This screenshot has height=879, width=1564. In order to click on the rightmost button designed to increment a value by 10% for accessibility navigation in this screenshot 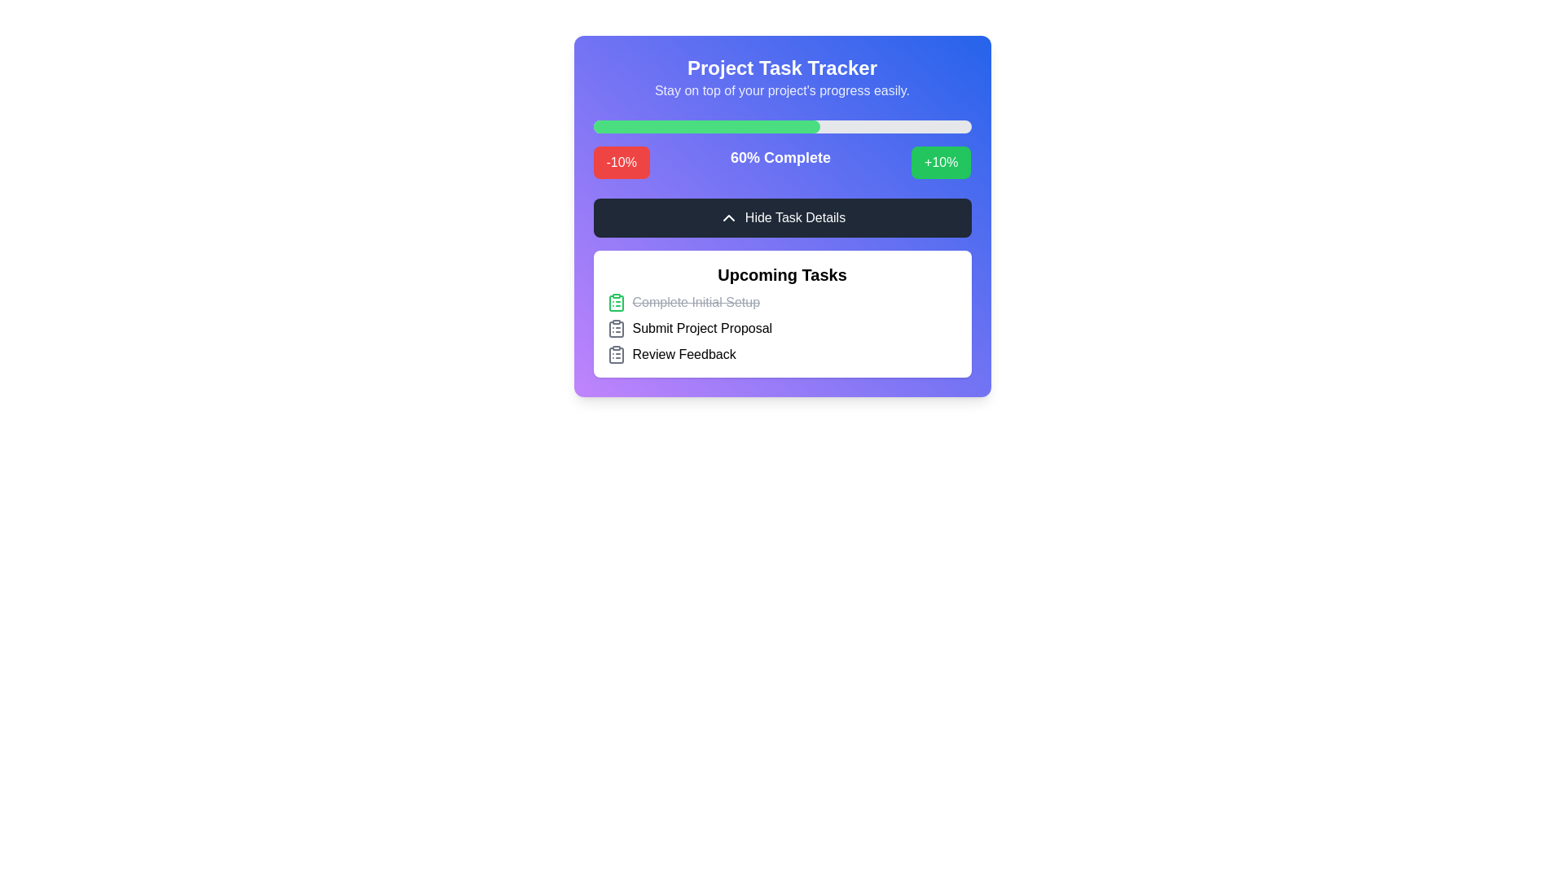, I will do `click(941, 163)`.